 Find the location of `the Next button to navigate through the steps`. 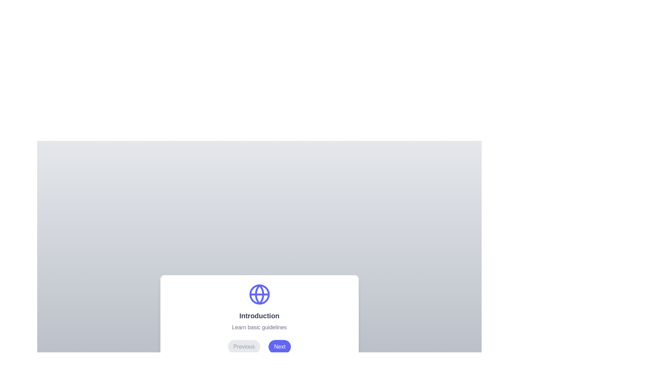

the Next button to navigate through the steps is located at coordinates (280, 347).